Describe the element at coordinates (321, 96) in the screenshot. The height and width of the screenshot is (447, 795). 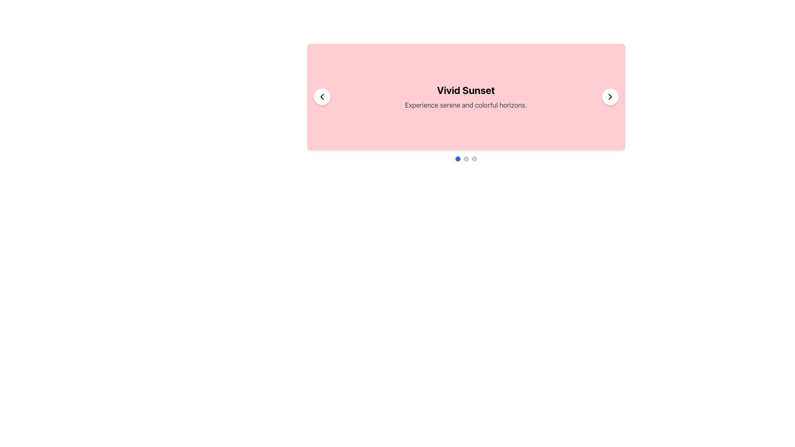
I see `the leftwards-pointing thin arrow within the circular button on the left side of the pink card layout` at that location.